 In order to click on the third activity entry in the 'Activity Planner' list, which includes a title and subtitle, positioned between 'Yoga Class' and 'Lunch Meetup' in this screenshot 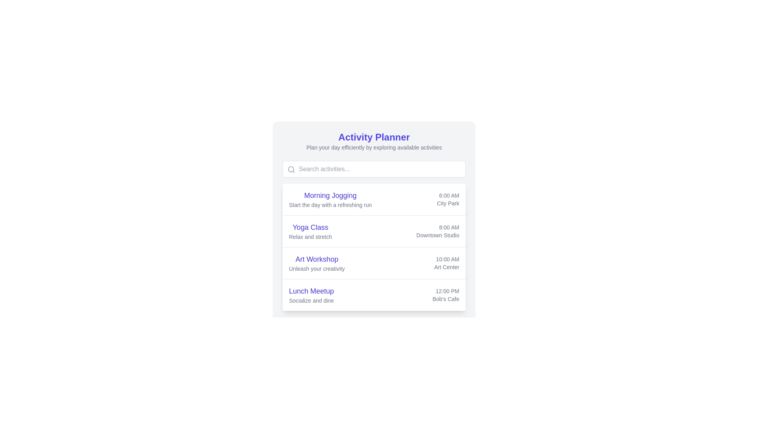, I will do `click(317, 263)`.